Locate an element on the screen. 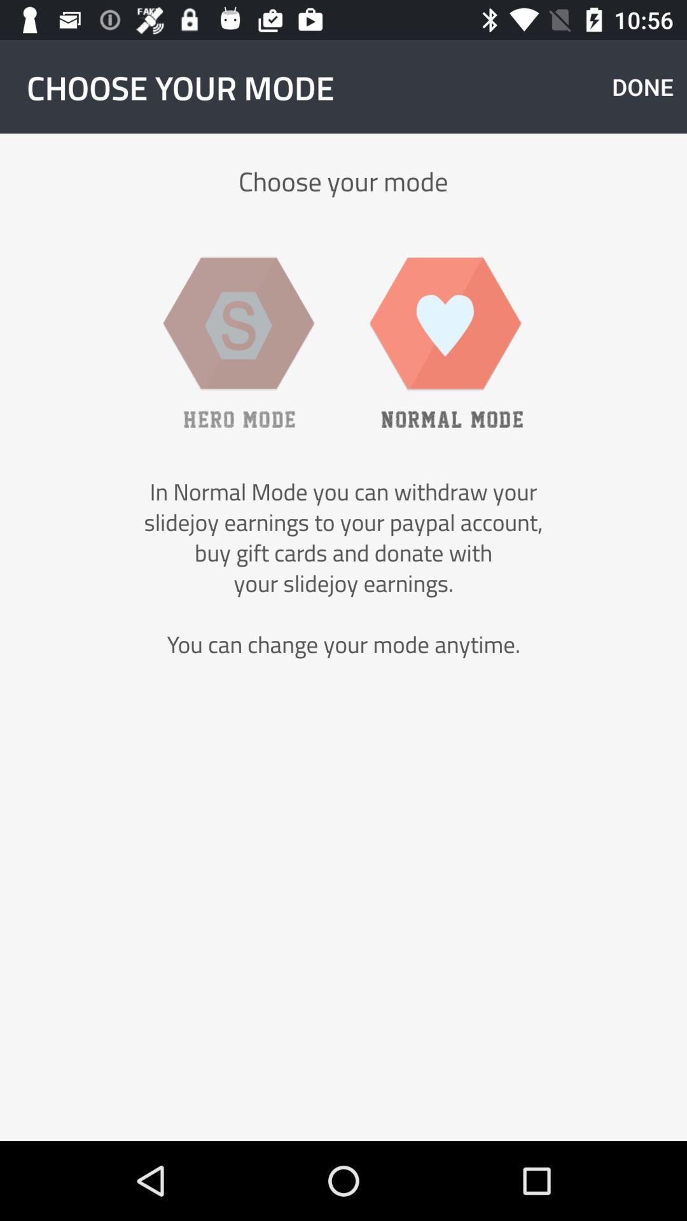 This screenshot has width=687, height=1221. the item below the choose your mode item is located at coordinates (446, 342).